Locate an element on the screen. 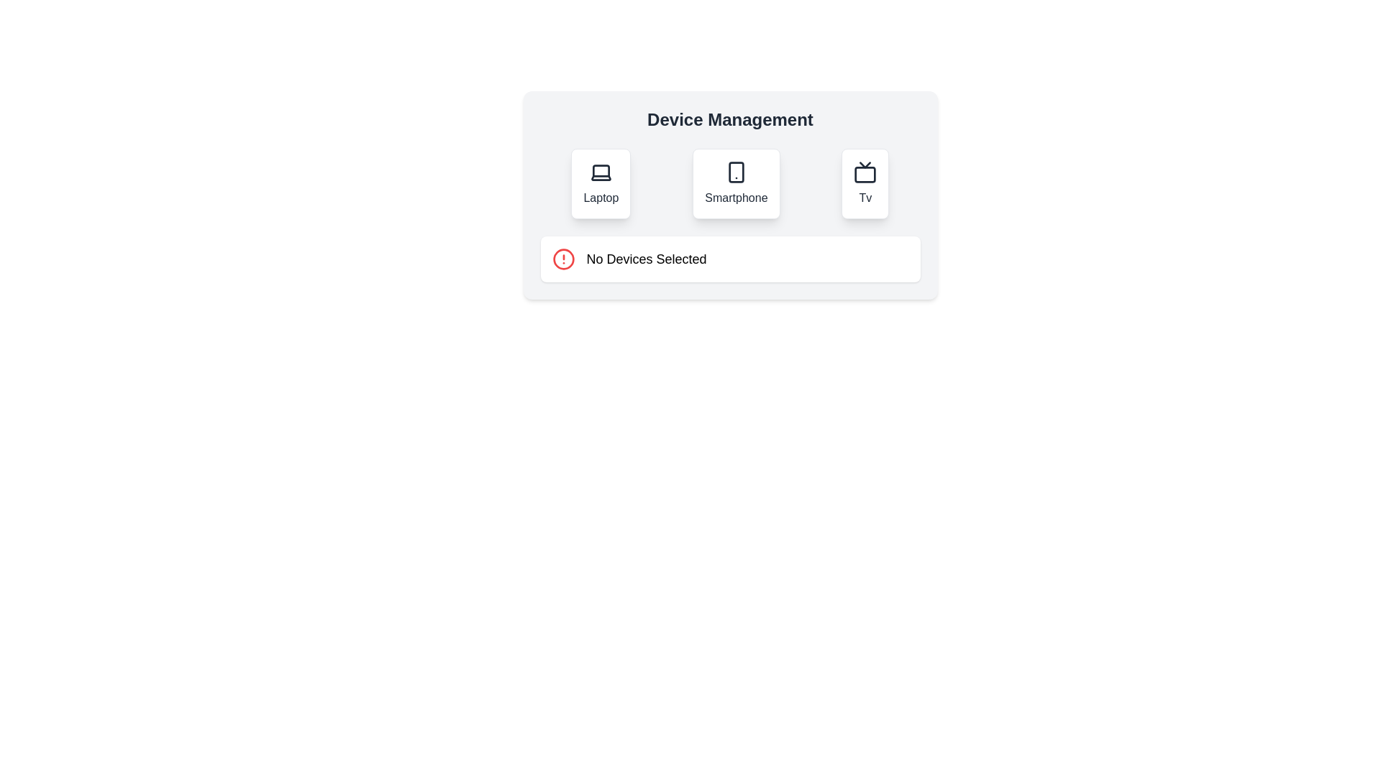 The height and width of the screenshot is (776, 1381). the middle button labeled 'Smartphone' is located at coordinates (736, 183).